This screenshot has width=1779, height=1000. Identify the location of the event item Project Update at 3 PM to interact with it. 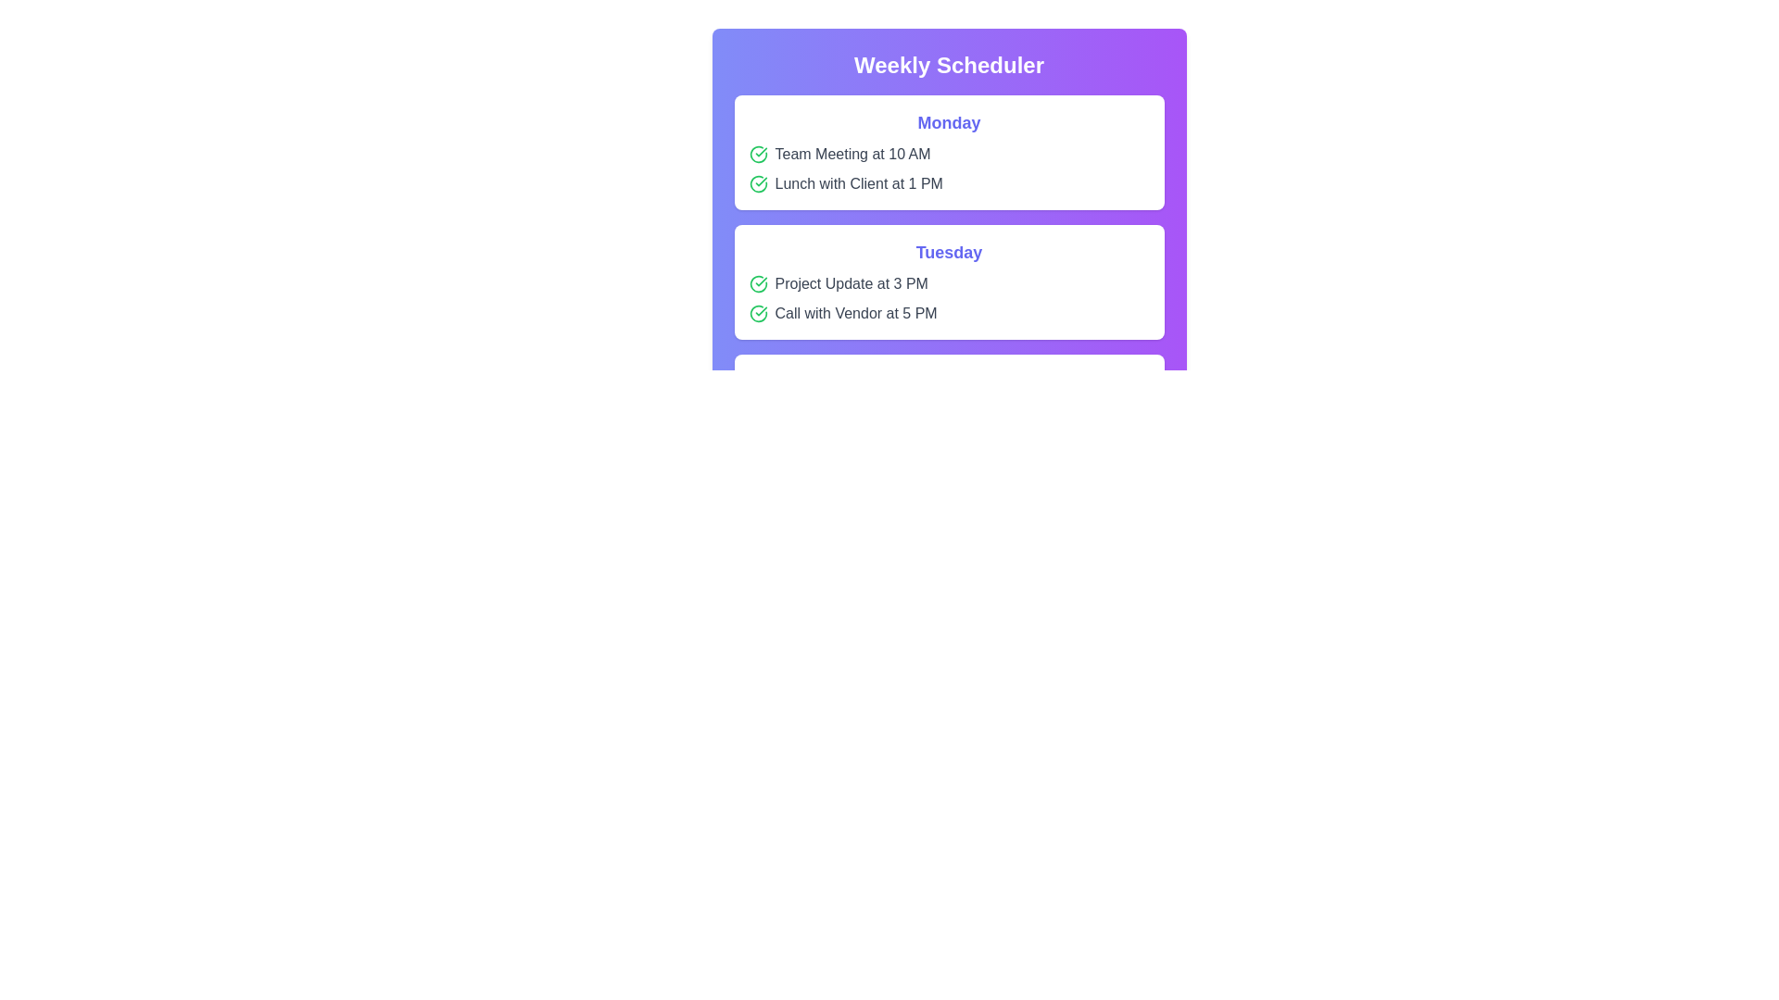
(949, 284).